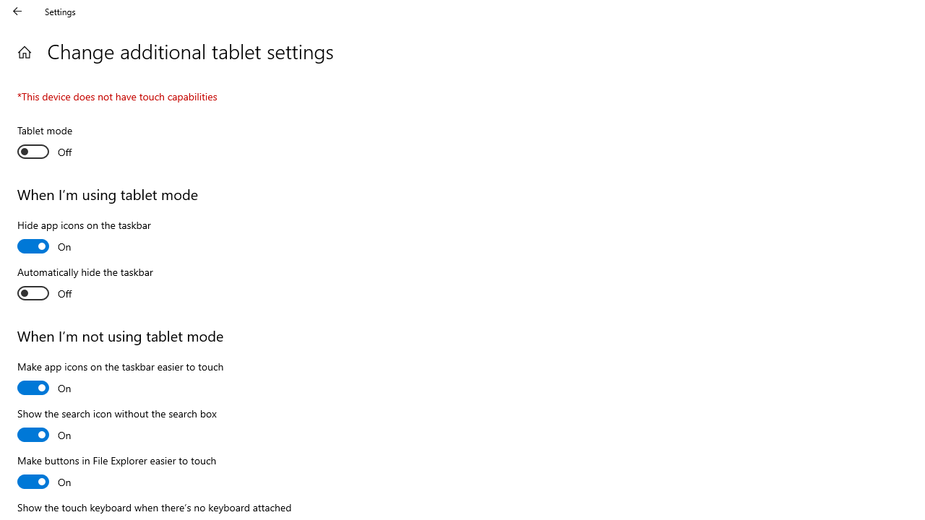 This screenshot has width=925, height=520. What do you see at coordinates (24, 51) in the screenshot?
I see `'Home'` at bounding box center [24, 51].